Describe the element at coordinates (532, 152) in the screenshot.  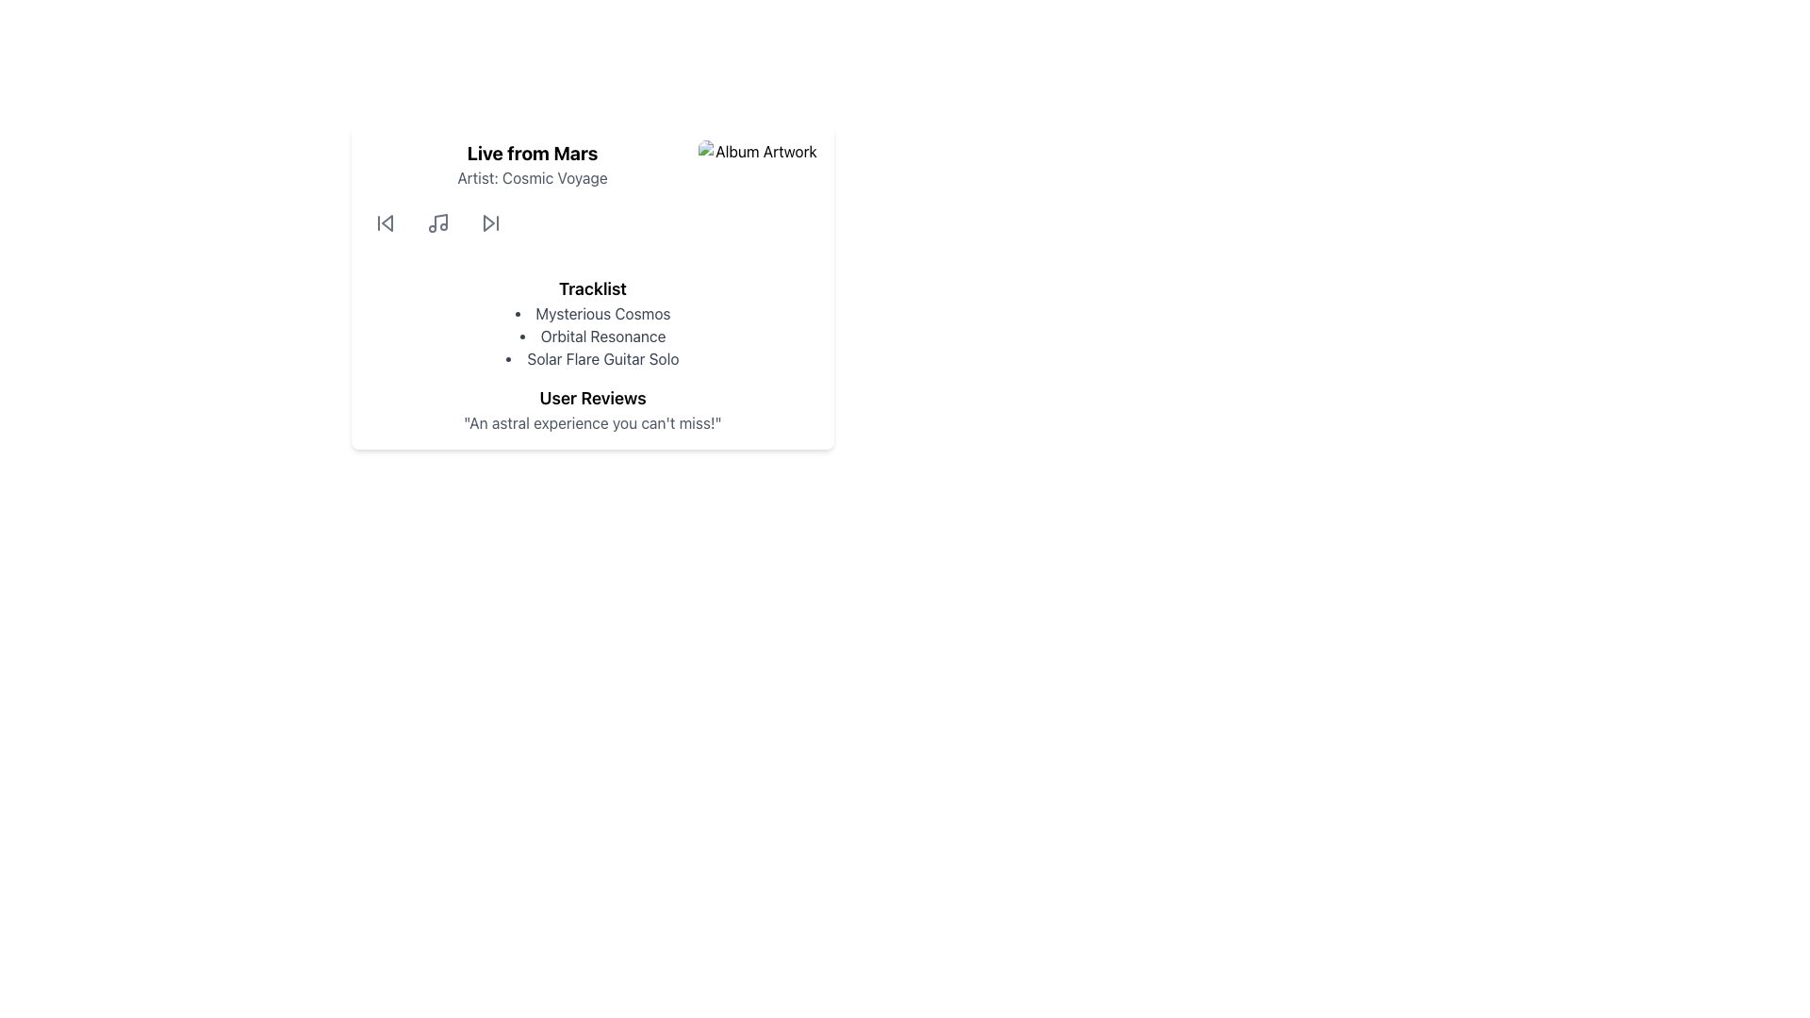
I see `the text header element titled 'Live from Mars', which is positioned at the top of the section above 'Artist: Cosmic Voyage'` at that location.